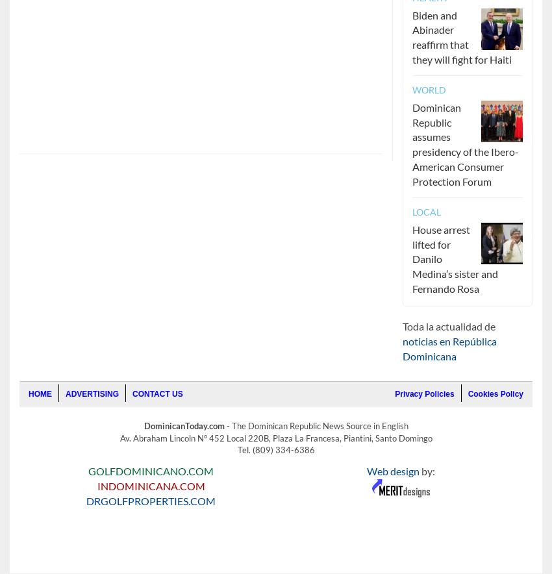 This screenshot has width=552, height=574. Describe the element at coordinates (495, 394) in the screenshot. I see `'Cookies Policy'` at that location.